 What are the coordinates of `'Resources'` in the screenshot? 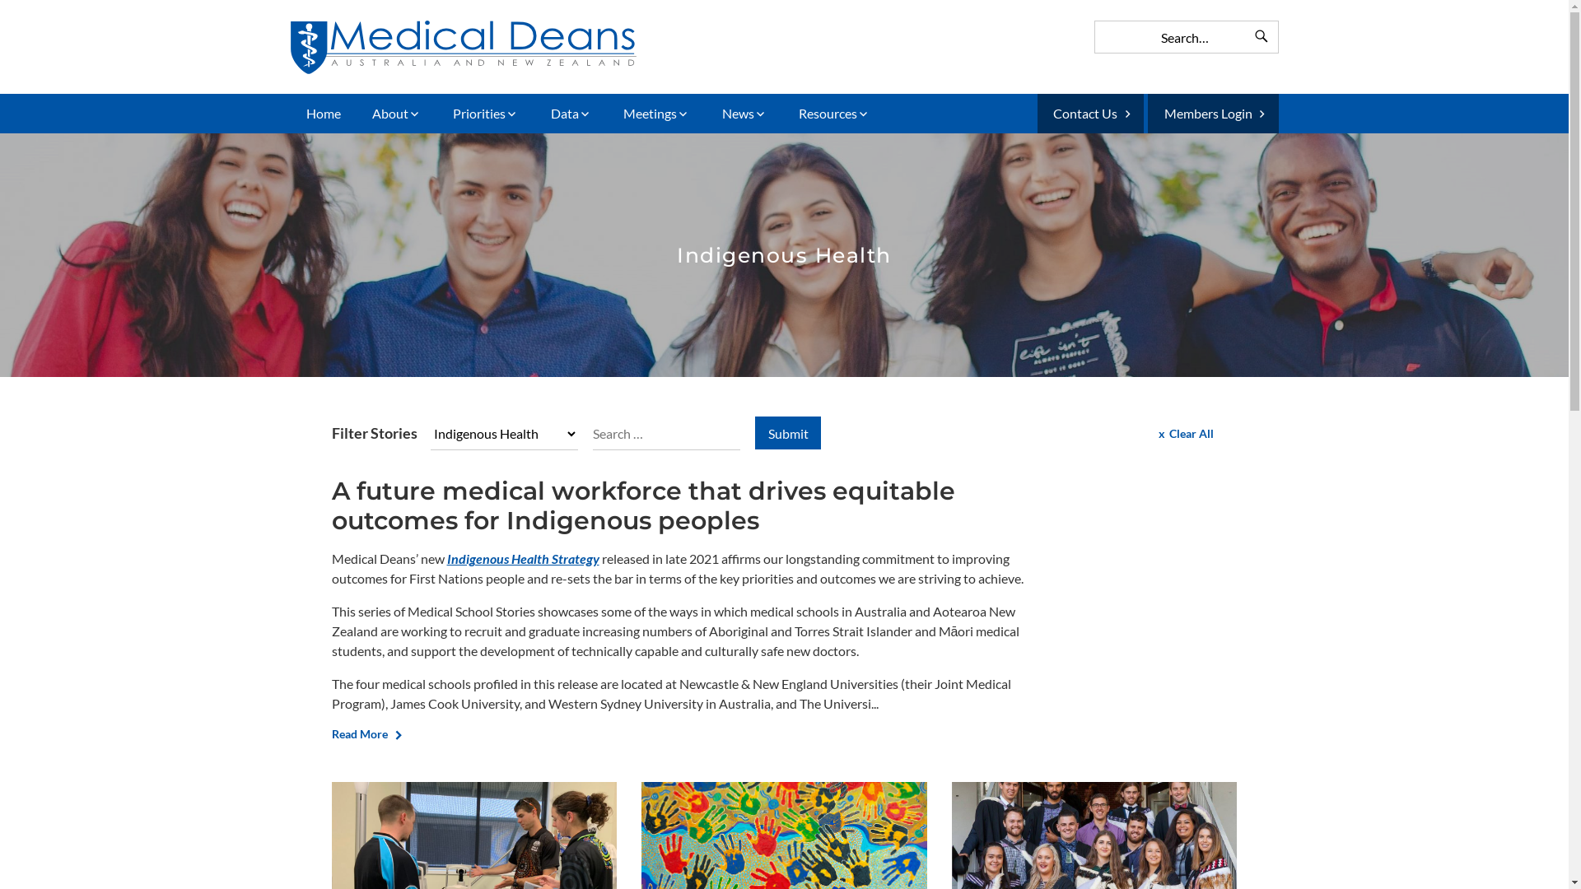 It's located at (834, 113).